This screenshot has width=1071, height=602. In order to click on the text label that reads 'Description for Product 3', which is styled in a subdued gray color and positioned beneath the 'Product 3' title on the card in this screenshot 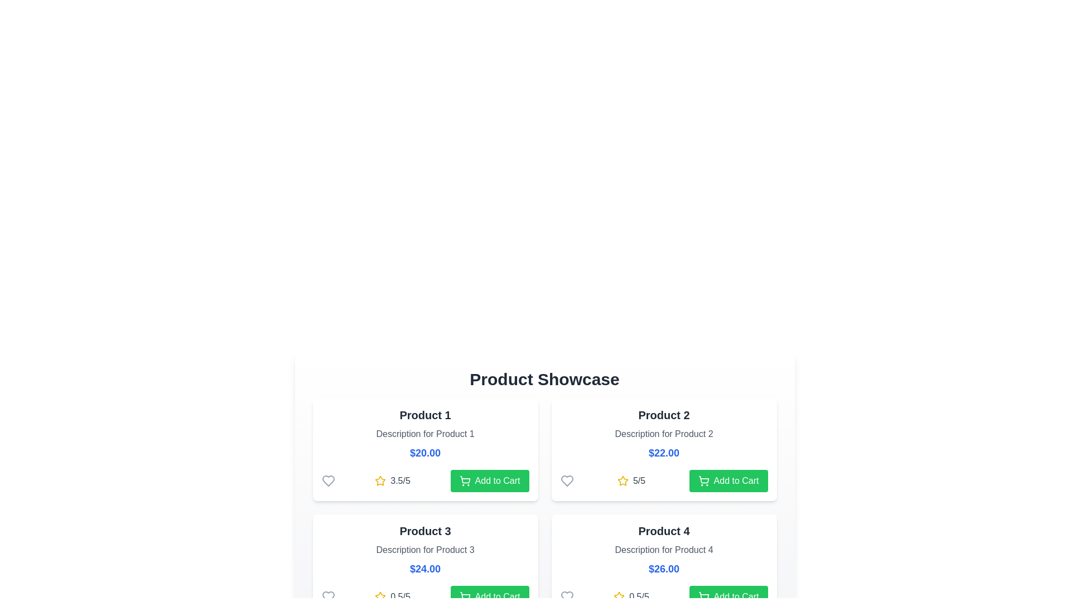, I will do `click(424, 550)`.